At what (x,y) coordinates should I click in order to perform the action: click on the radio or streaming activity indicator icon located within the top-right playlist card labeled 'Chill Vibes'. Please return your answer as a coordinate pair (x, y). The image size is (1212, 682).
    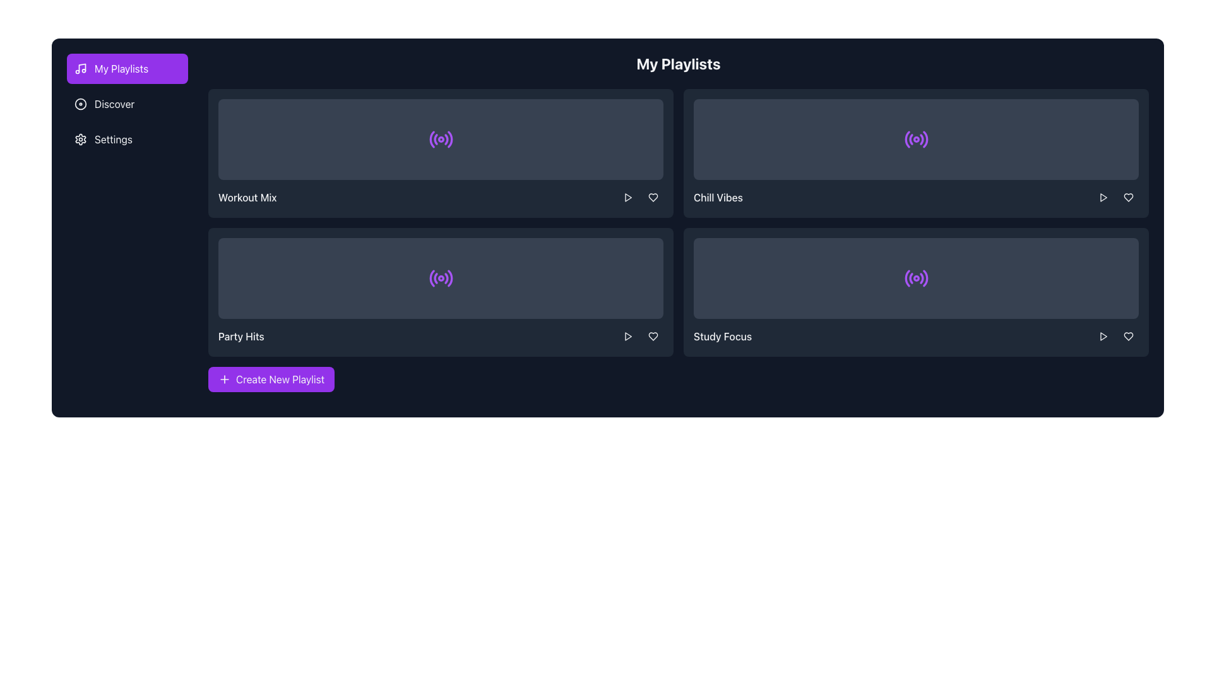
    Looking at the image, I should click on (916, 139).